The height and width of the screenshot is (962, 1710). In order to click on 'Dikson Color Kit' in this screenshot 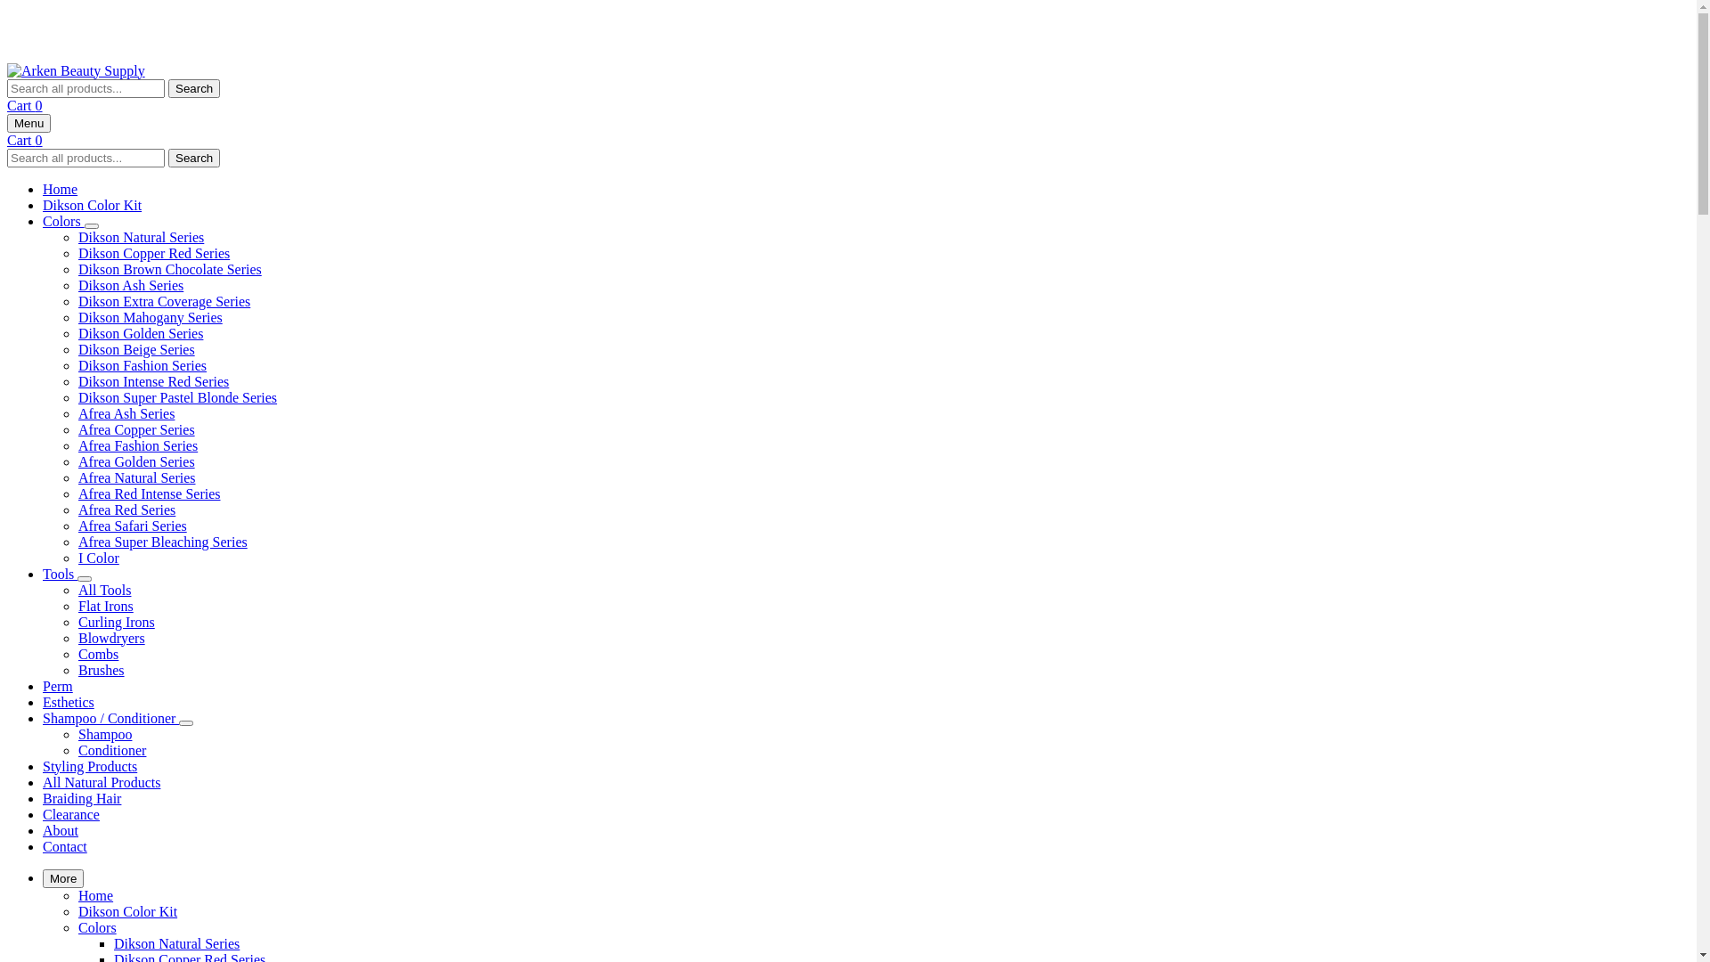, I will do `click(77, 910)`.